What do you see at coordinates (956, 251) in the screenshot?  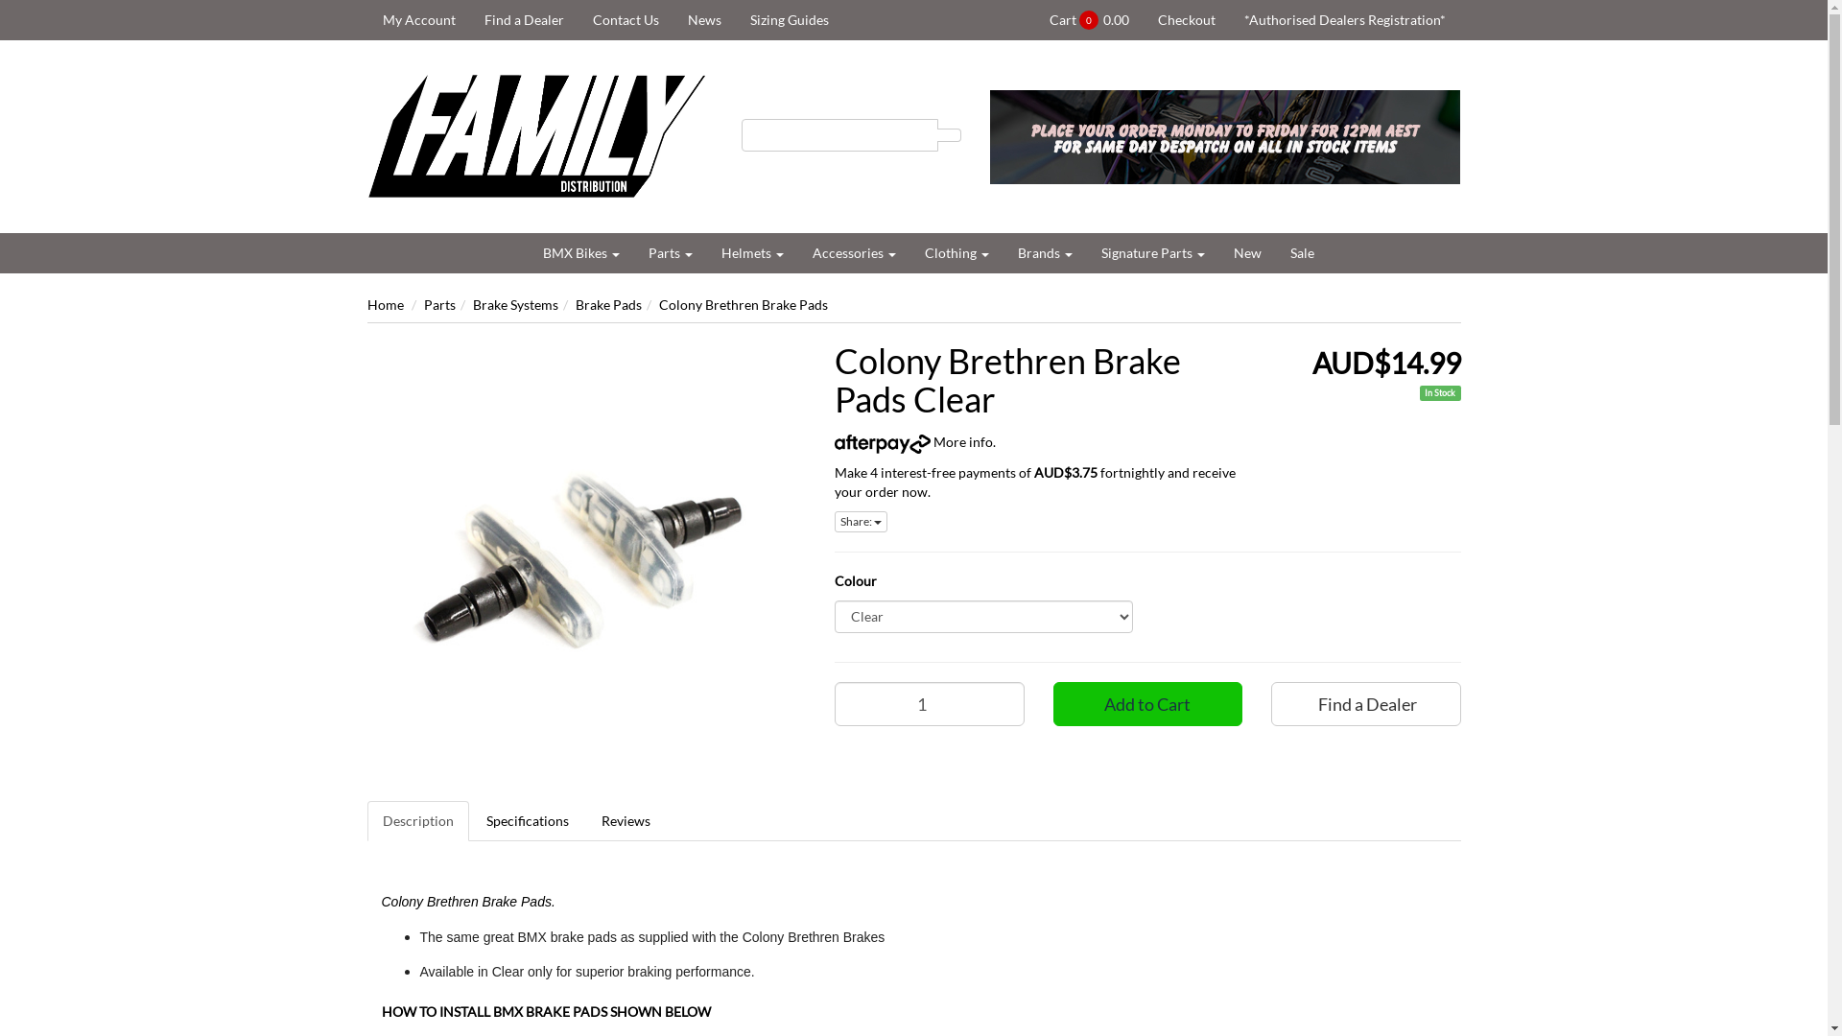 I see `'Clothing'` at bounding box center [956, 251].